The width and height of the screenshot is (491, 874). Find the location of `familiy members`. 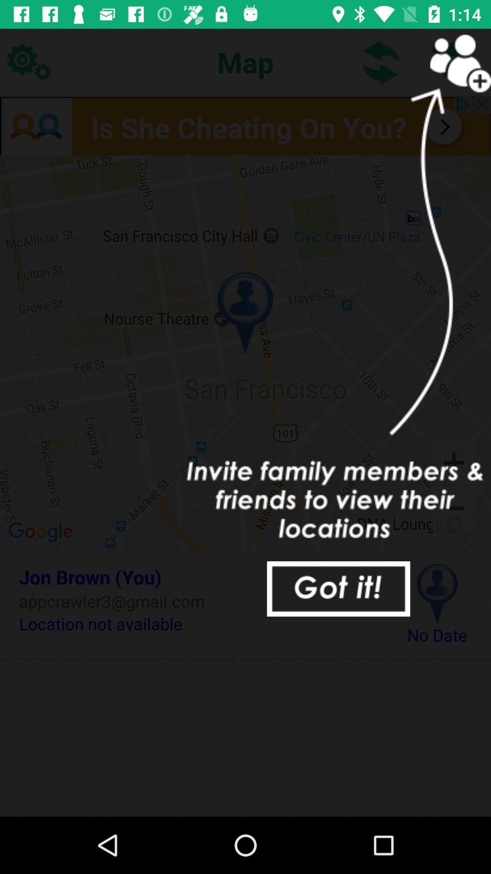

familiy members is located at coordinates (450, 61).